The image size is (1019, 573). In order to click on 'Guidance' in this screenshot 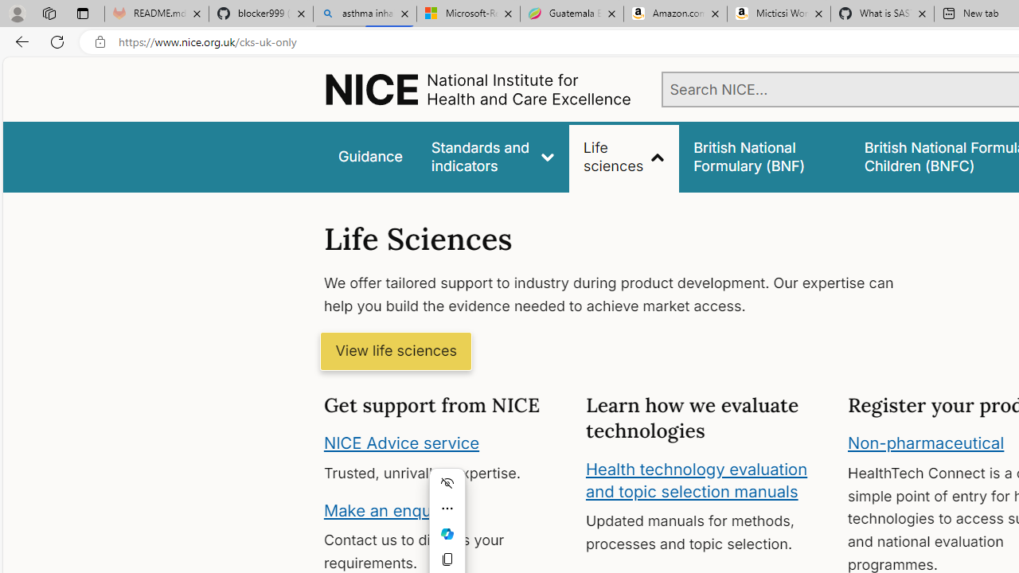, I will do `click(369, 157)`.